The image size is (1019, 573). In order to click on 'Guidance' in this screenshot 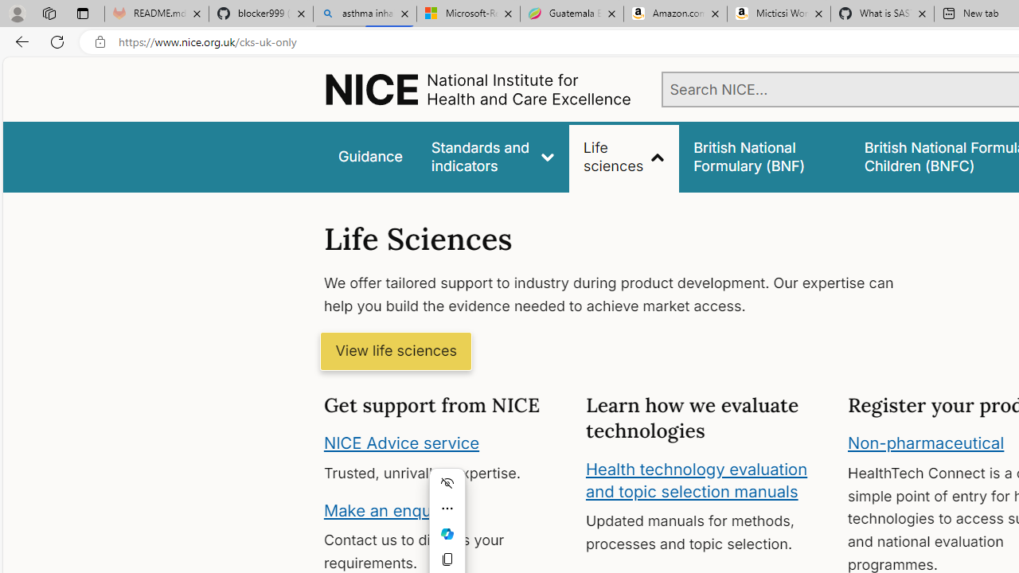, I will do `click(369, 157)`.